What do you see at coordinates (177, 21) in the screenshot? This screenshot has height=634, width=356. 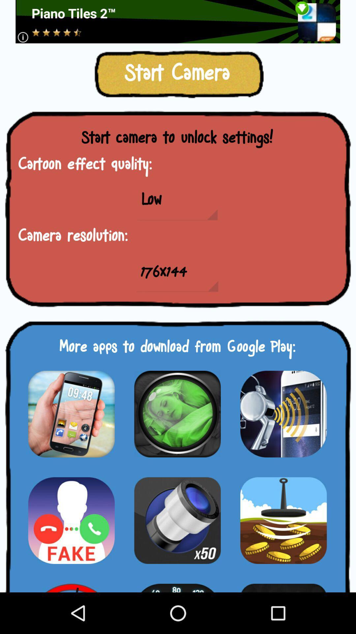 I see `the advertisement` at bounding box center [177, 21].